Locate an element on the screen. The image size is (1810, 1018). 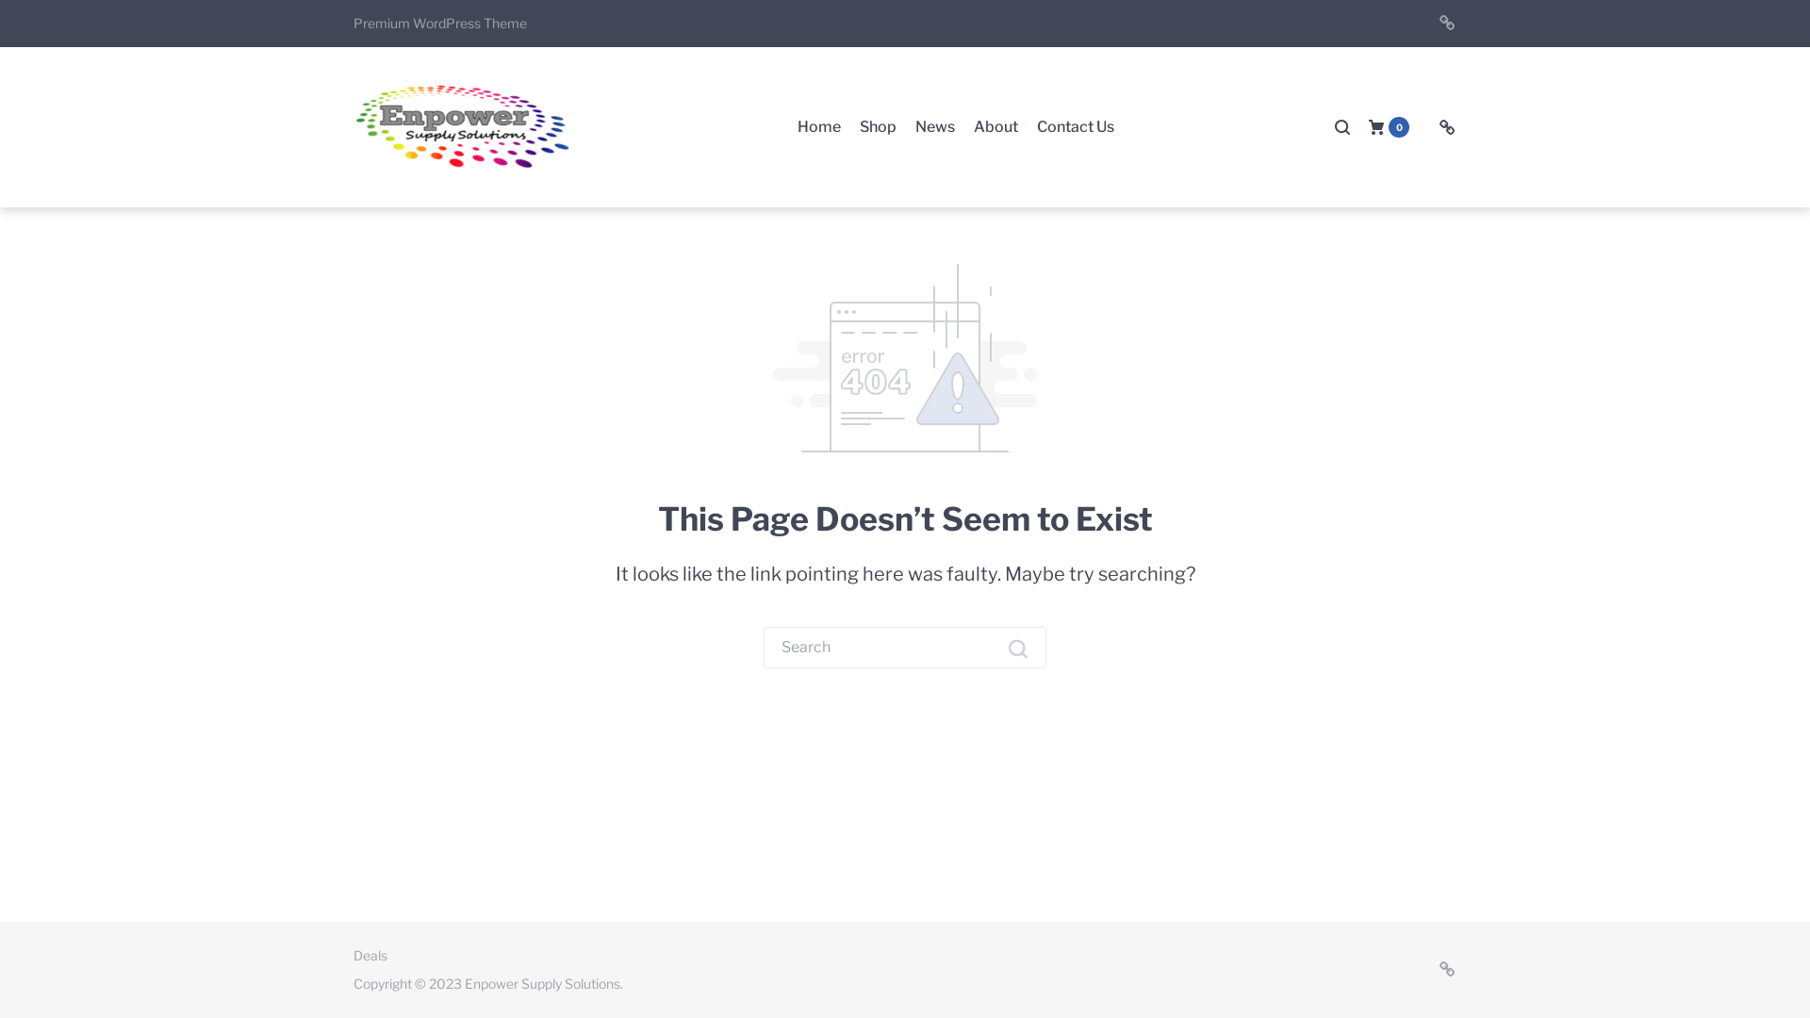
'0' is located at coordinates (1389, 126).